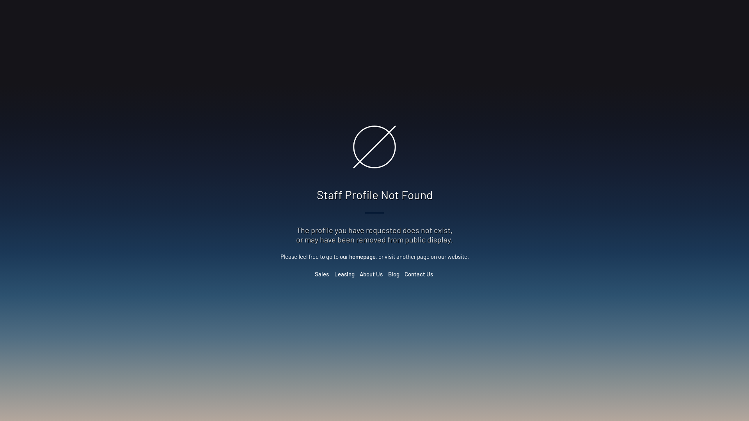 This screenshot has width=749, height=421. What do you see at coordinates (334, 273) in the screenshot?
I see `'Leasing'` at bounding box center [334, 273].